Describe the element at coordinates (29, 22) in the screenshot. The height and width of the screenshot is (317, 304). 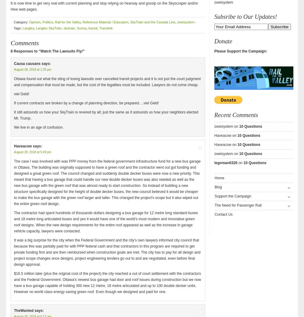
I see `'Opinion'` at that location.